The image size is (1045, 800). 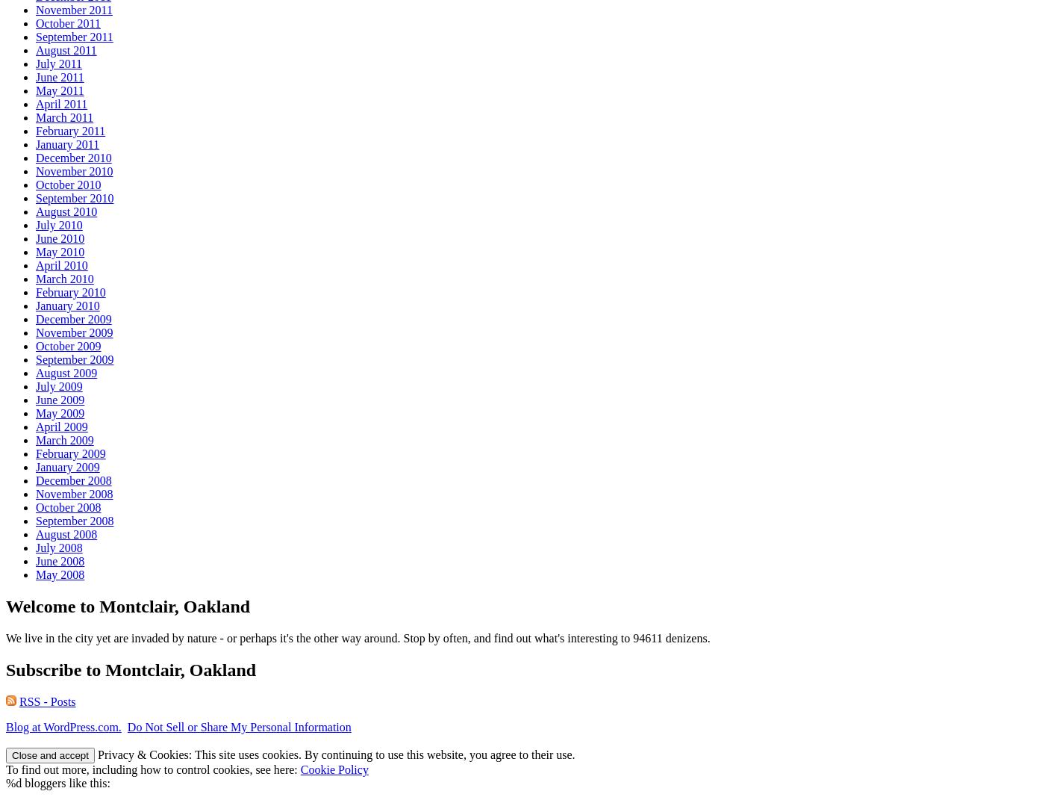 What do you see at coordinates (74, 493) in the screenshot?
I see `'November 2008'` at bounding box center [74, 493].